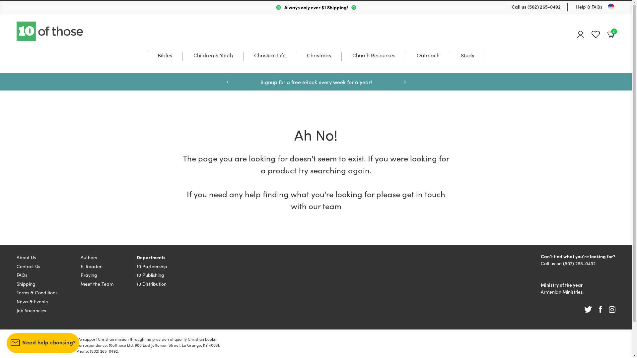  I want to click on '10 of those', so click(50, 31).